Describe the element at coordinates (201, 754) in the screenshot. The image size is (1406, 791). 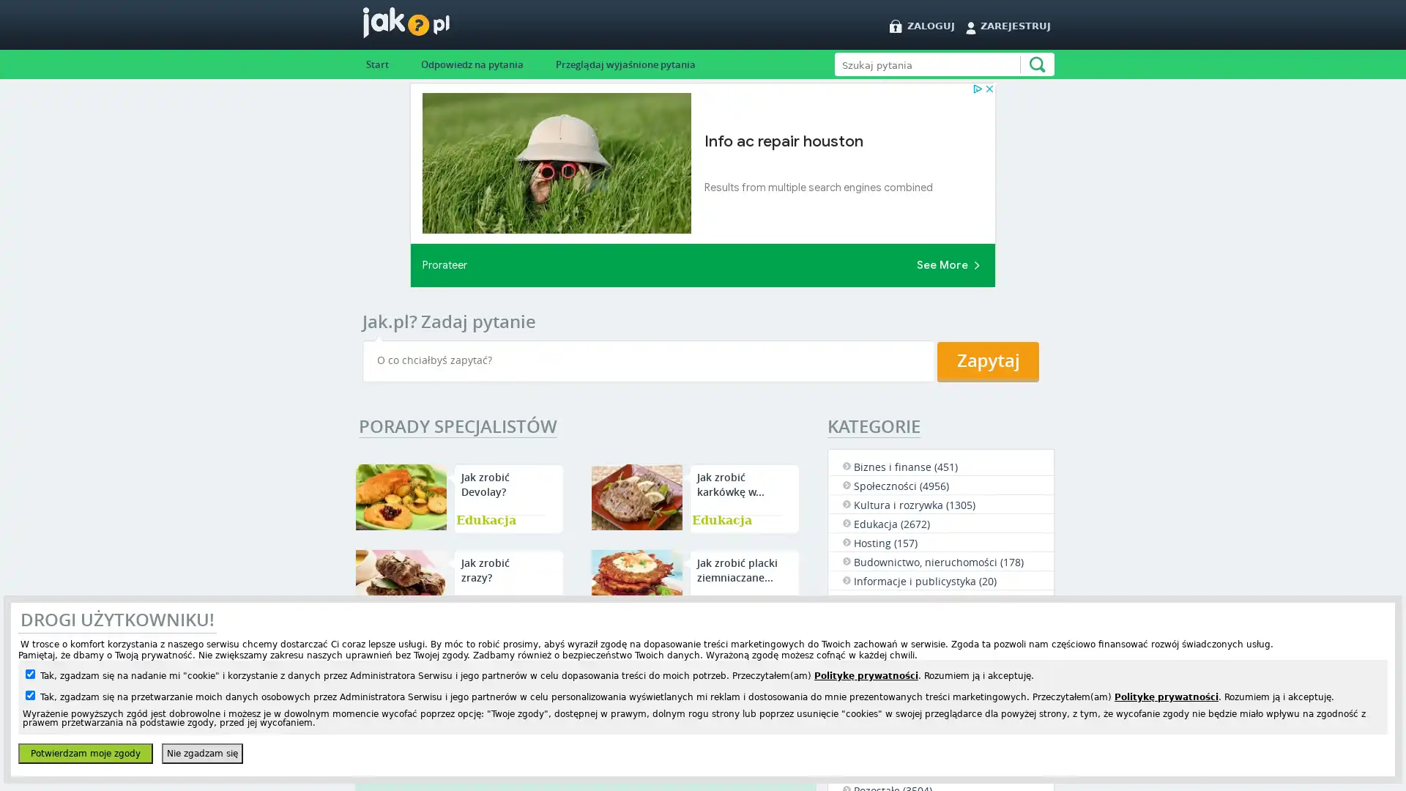
I see `Nie zgadzam sie` at that location.